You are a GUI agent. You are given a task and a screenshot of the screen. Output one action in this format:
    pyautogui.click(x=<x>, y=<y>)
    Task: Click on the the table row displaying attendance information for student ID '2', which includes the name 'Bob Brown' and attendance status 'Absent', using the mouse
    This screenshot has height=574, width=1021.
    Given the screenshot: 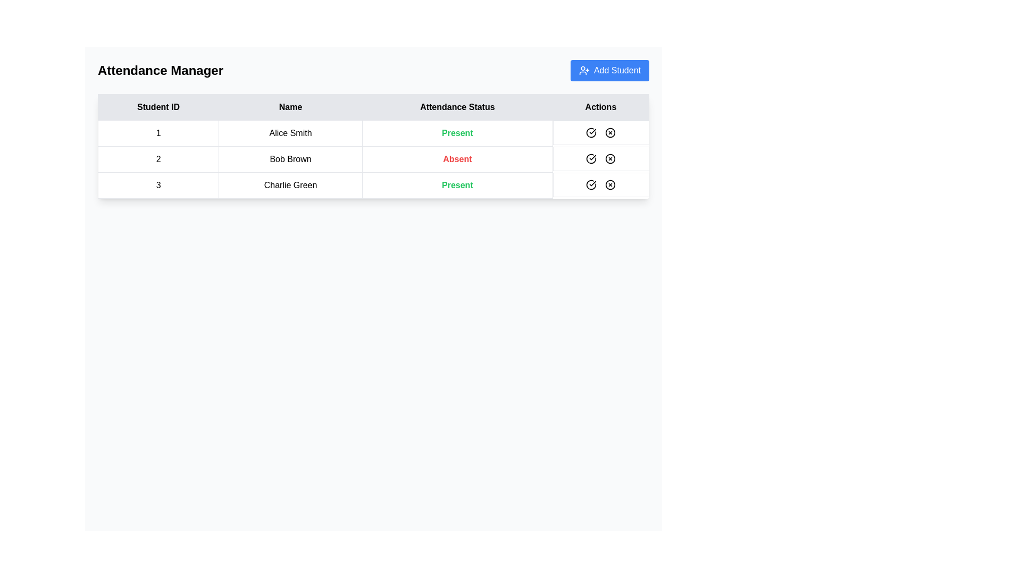 What is the action you would take?
    pyautogui.click(x=373, y=159)
    